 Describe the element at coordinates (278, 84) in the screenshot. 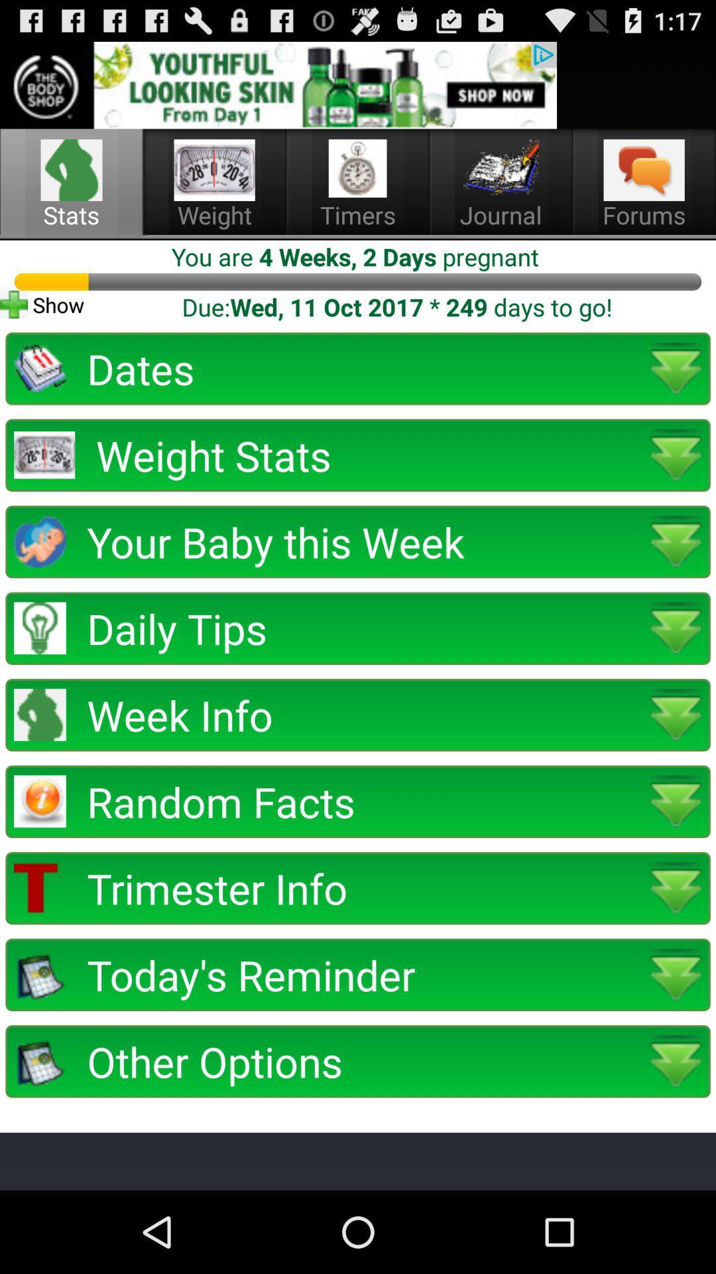

I see `show advertisements detail` at that location.